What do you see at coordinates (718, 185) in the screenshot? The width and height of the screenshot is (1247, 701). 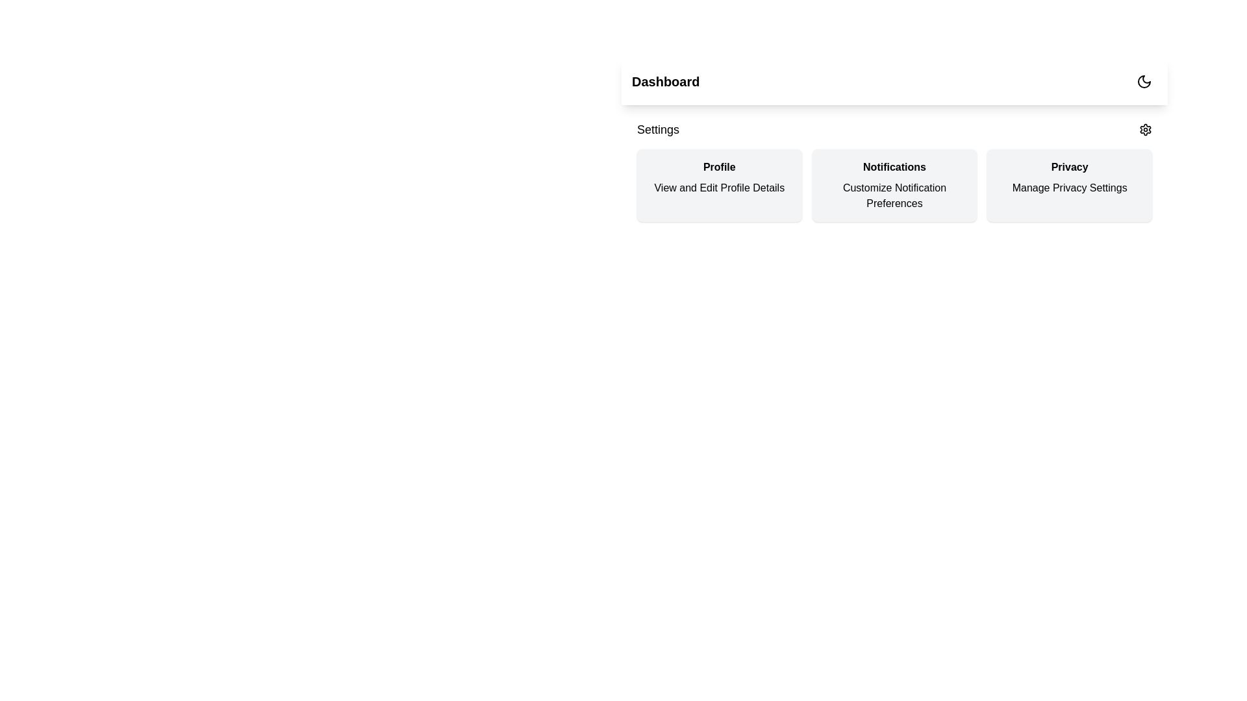 I see `the profile management card located in the top-left corner of the three-column section, positioned to the left of the 'Notifications' card and above the 'Privacy' card` at bounding box center [718, 185].